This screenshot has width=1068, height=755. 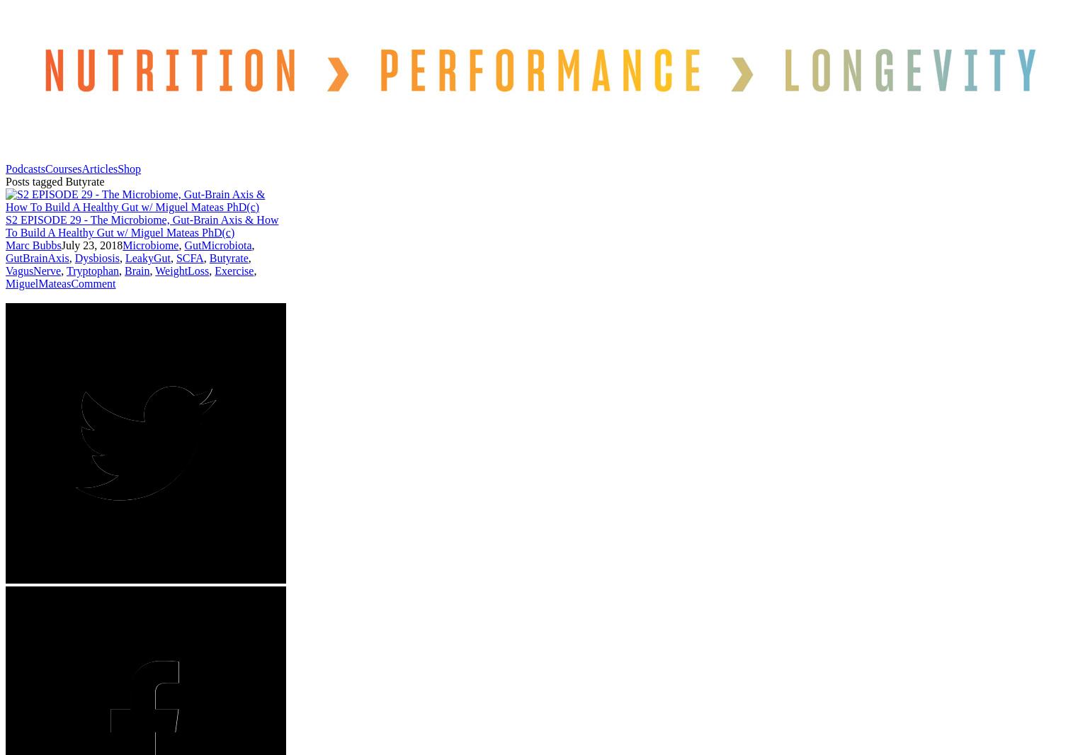 What do you see at coordinates (5, 167) in the screenshot?
I see `'Podcasts'` at bounding box center [5, 167].